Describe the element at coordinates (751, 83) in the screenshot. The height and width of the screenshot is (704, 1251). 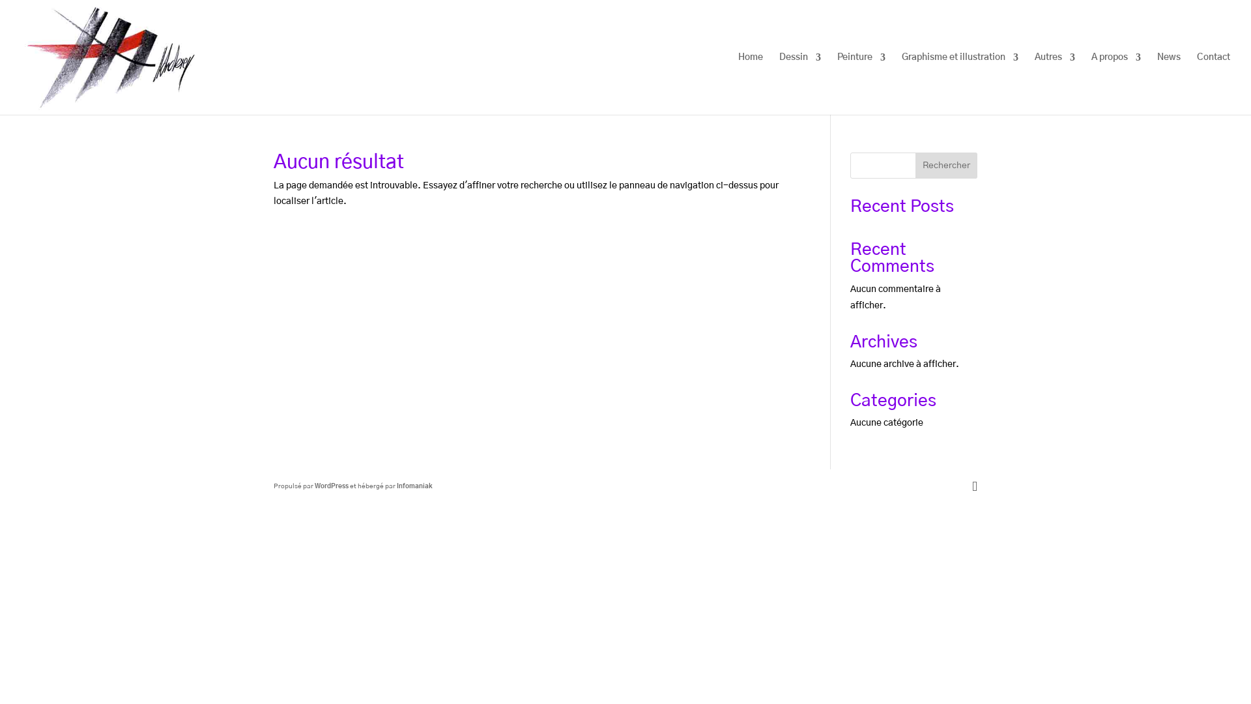
I see `'Home'` at that location.